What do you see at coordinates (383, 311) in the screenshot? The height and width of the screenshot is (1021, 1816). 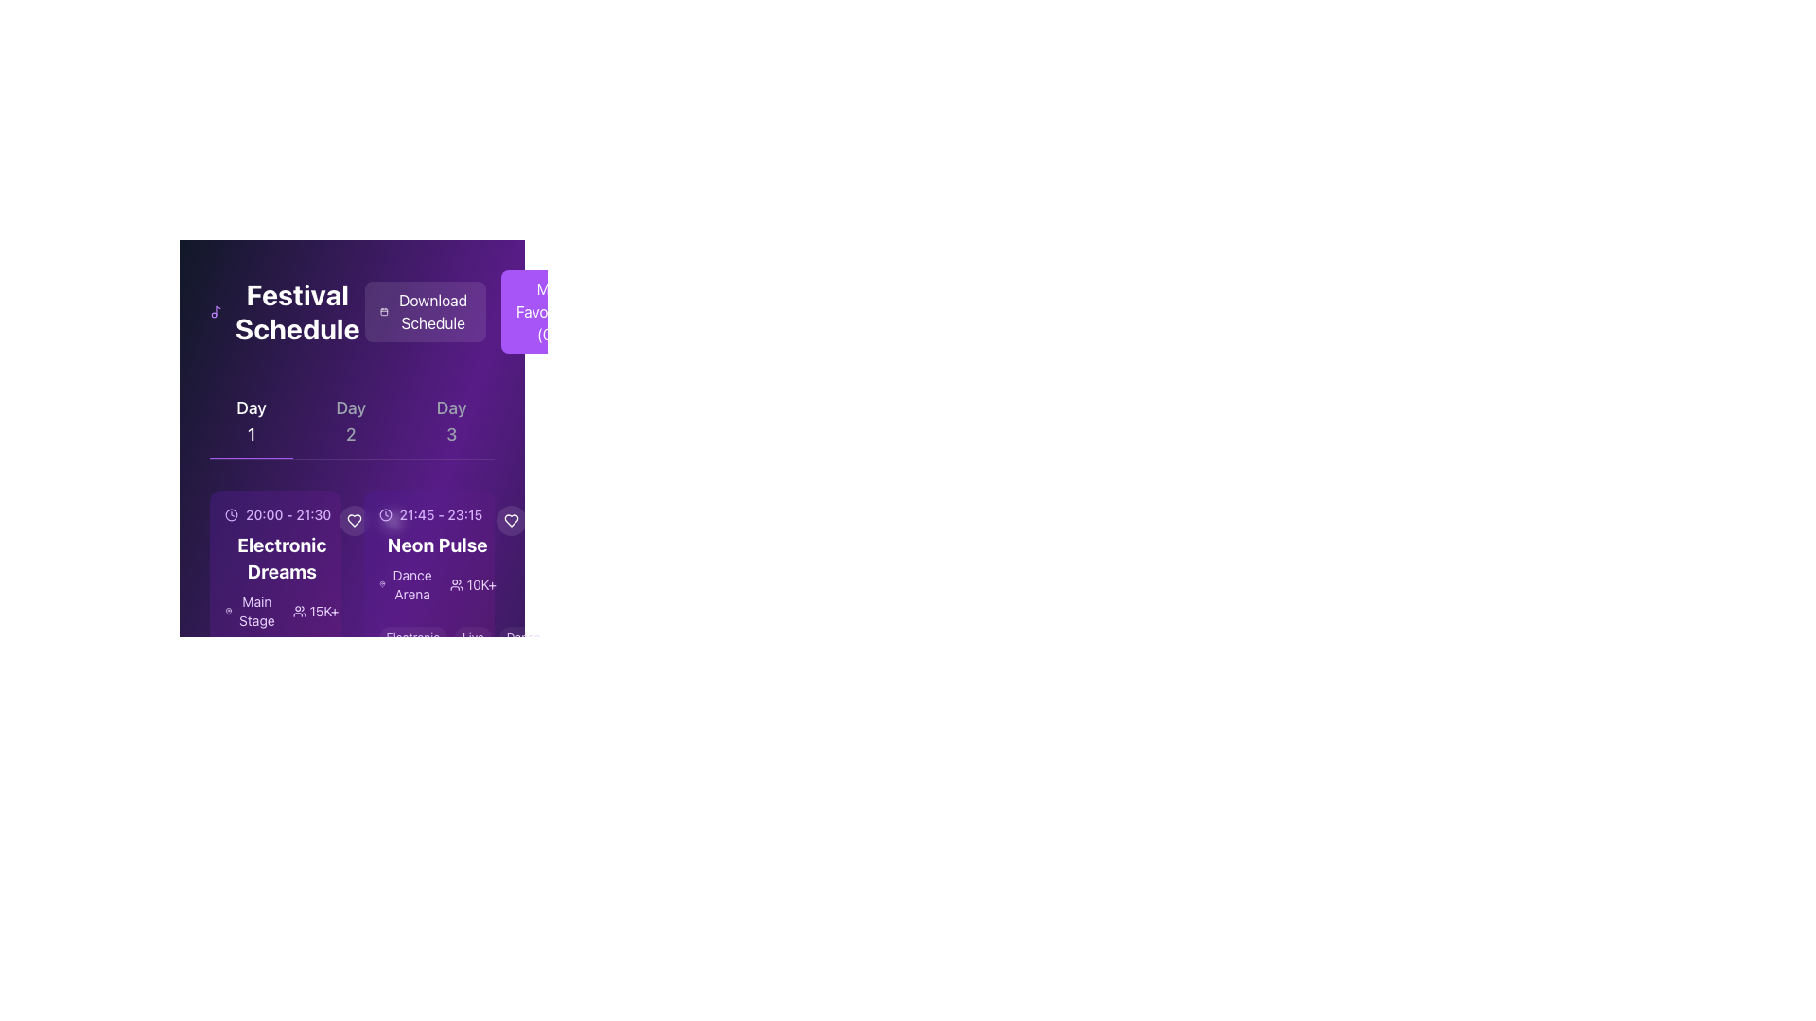 I see `the small calendar icon within the 'Download Schedule' button` at bounding box center [383, 311].